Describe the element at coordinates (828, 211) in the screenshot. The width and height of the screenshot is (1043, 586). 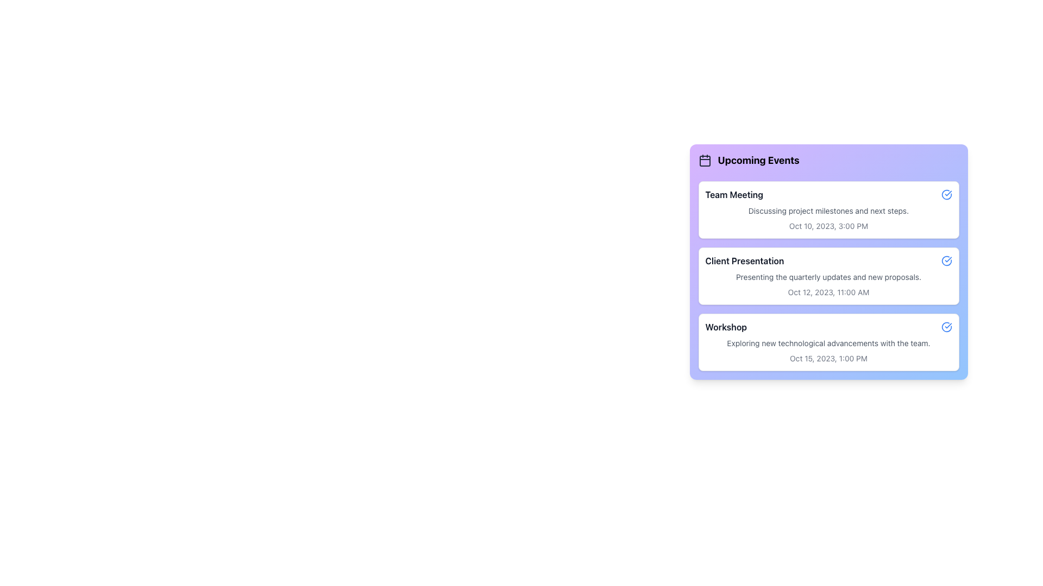
I see `the text element reading 'Discussing project milestones and next steps' located beneath the 'Team Meeting' heading` at that location.